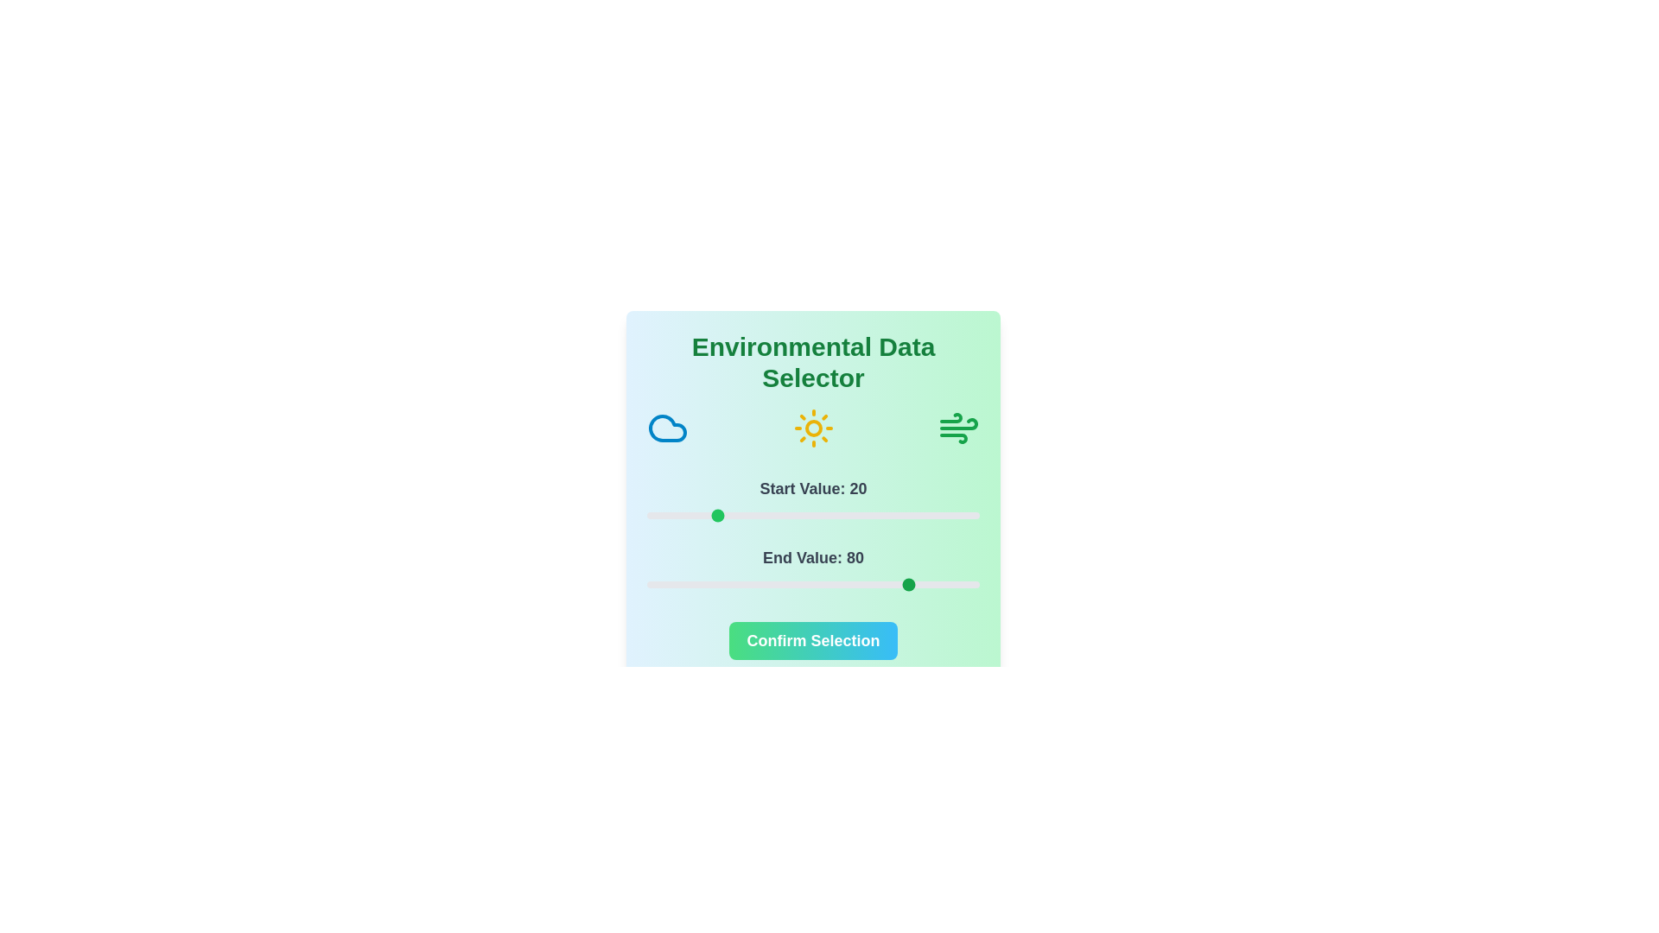  I want to click on the interactive panel for selecting environmental data values, so click(812, 496).